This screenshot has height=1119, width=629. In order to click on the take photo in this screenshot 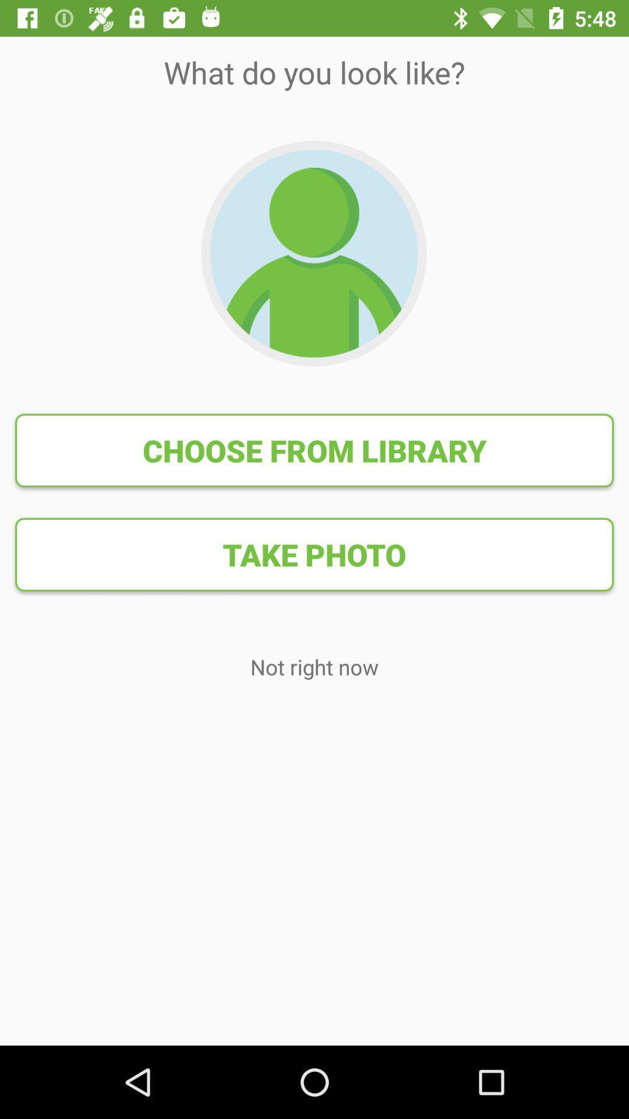, I will do `click(314, 554)`.